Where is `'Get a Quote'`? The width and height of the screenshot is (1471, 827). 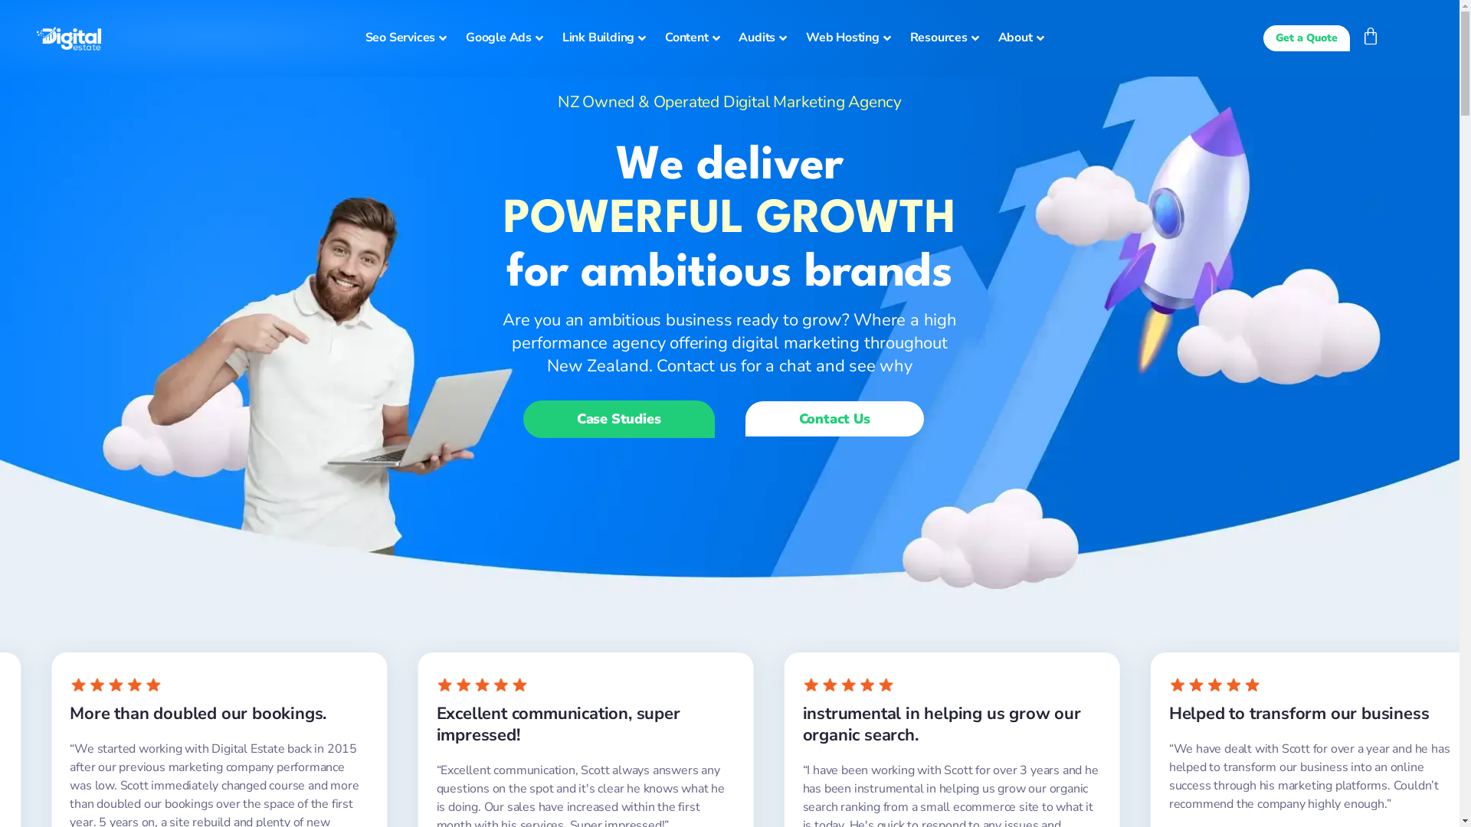 'Get a Quote' is located at coordinates (1306, 38).